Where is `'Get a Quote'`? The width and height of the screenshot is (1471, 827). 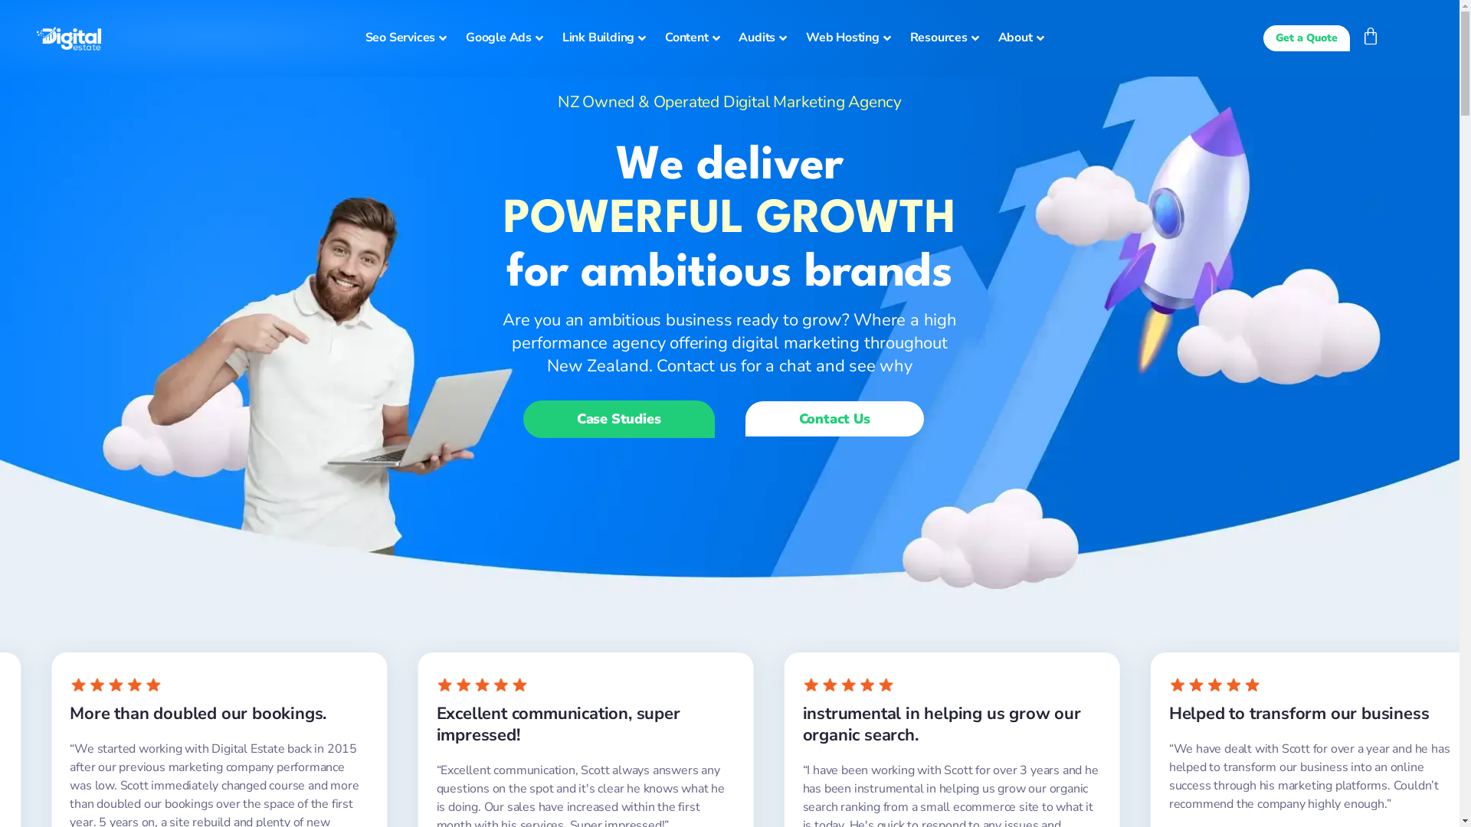 'Get a Quote' is located at coordinates (1306, 38).